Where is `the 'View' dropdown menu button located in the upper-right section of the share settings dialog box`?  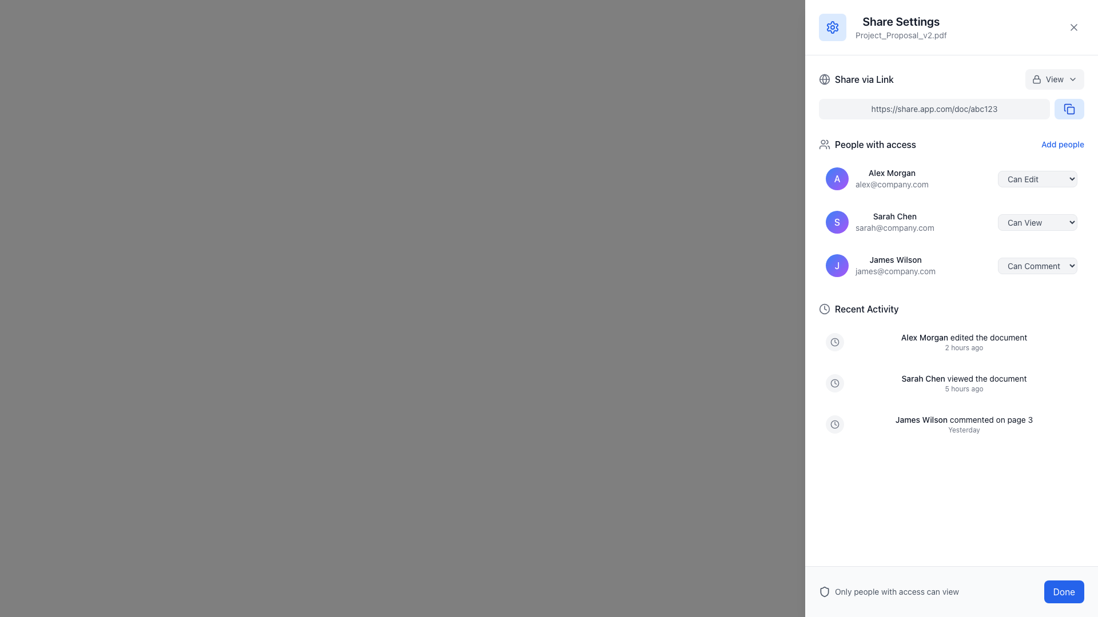
the 'View' dropdown menu button located in the upper-right section of the share settings dialog box is located at coordinates (1053, 78).